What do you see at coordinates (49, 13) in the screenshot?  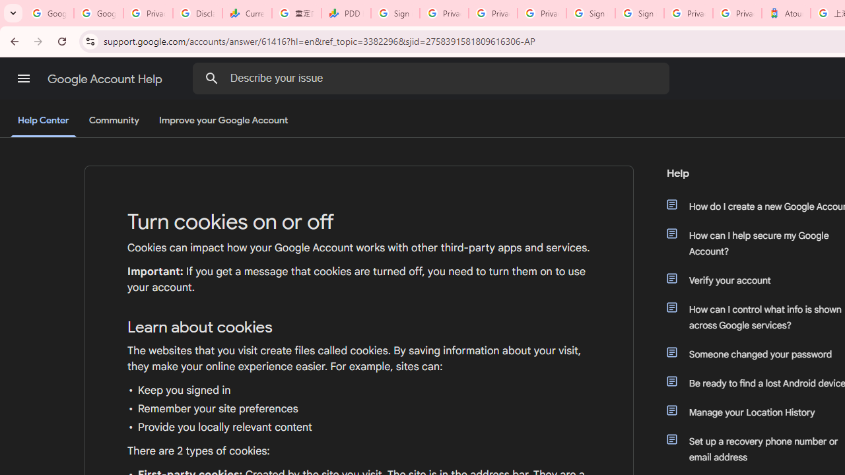 I see `'Google Workspace Admin Community'` at bounding box center [49, 13].